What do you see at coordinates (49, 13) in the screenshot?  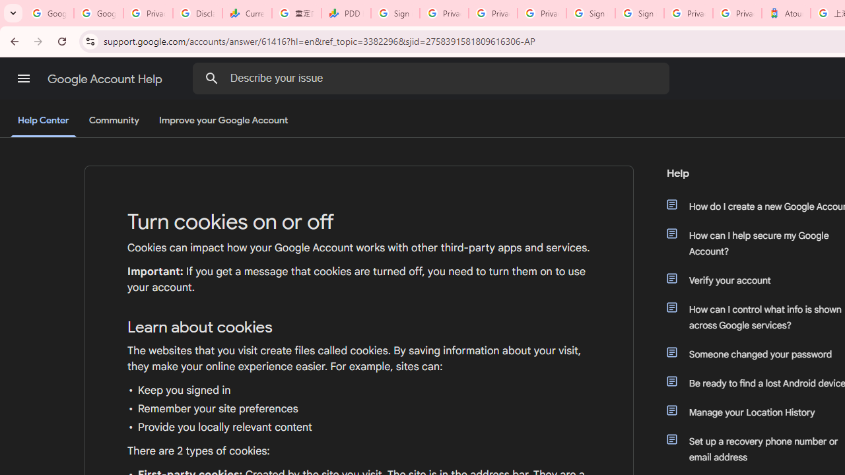 I see `'Google Workspace Admin Community'` at bounding box center [49, 13].